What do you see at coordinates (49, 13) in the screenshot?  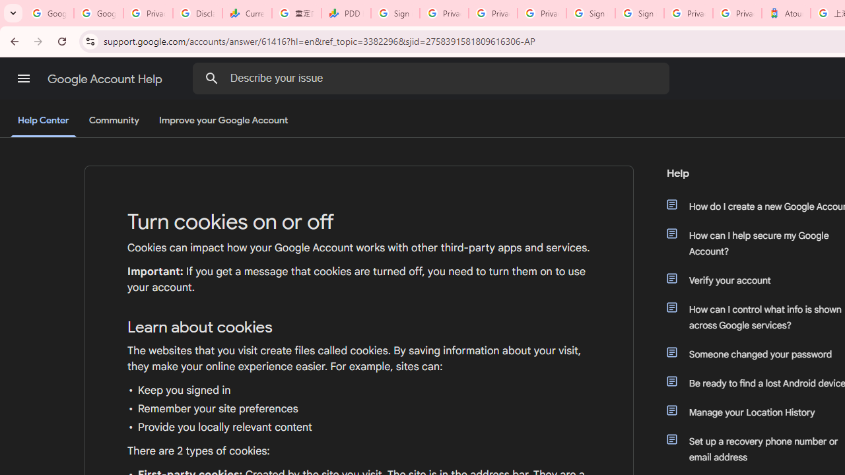 I see `'Google Workspace Admin Community'` at bounding box center [49, 13].